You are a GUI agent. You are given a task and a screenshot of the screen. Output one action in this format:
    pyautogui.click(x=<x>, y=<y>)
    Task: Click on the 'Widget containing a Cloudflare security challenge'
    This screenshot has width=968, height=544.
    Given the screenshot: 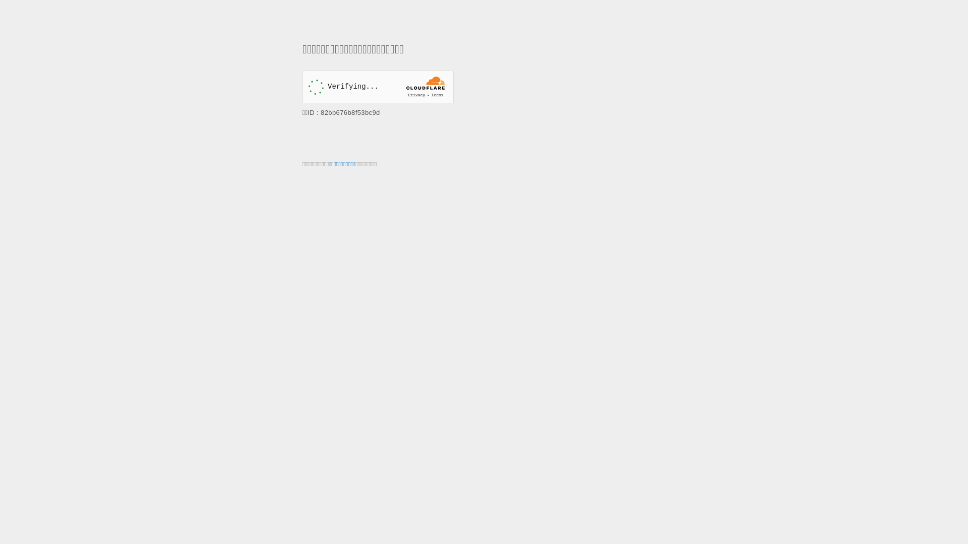 What is the action you would take?
    pyautogui.click(x=377, y=86)
    